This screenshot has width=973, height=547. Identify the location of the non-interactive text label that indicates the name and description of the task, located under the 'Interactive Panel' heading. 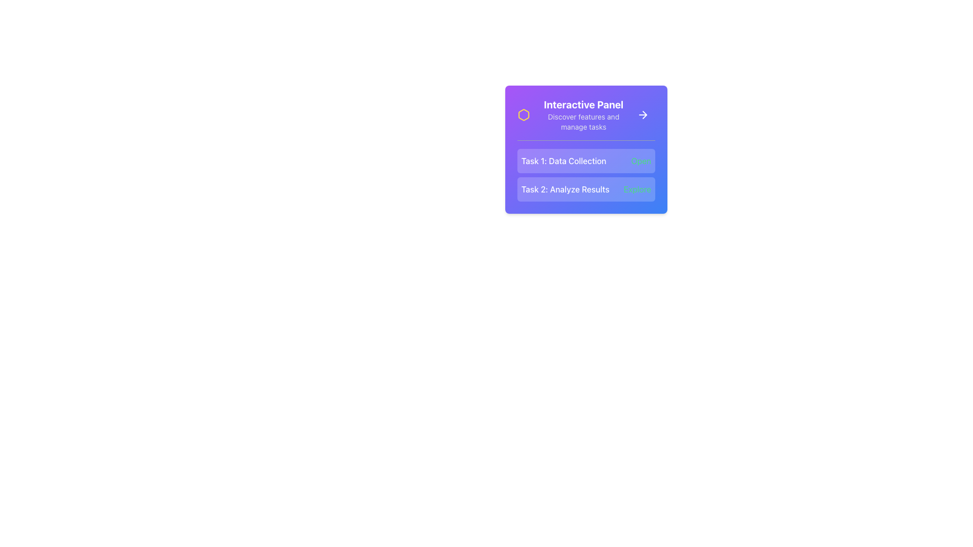
(563, 160).